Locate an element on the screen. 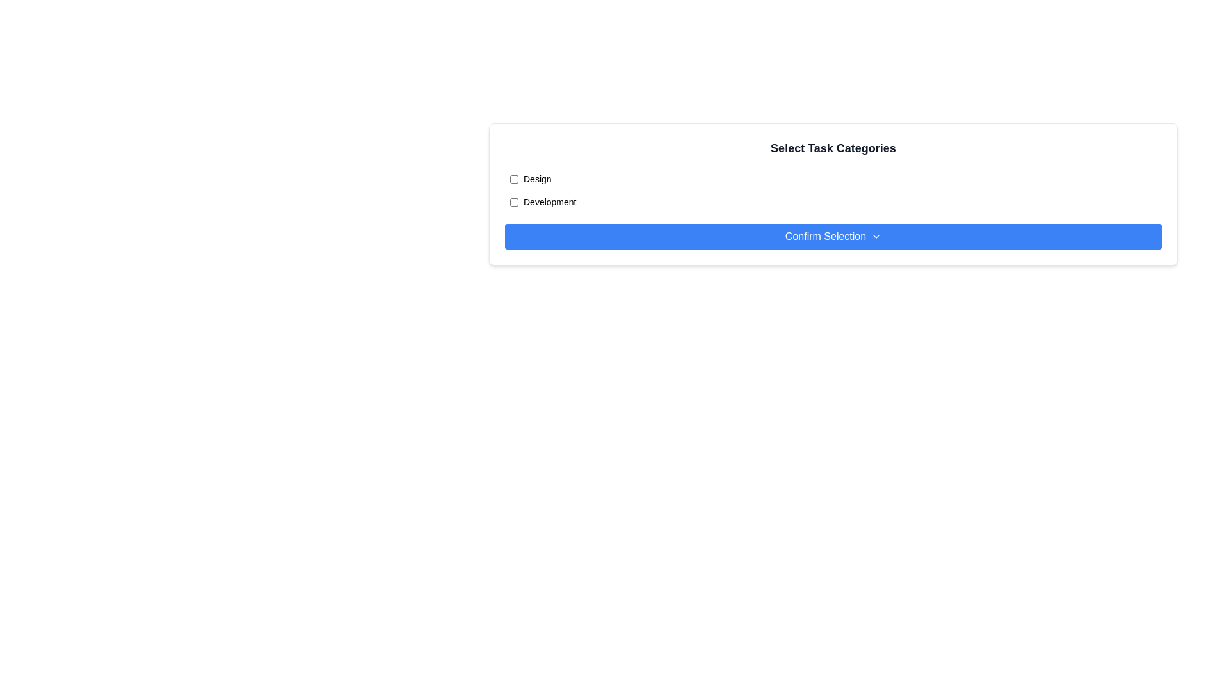 Image resolution: width=1229 pixels, height=691 pixels. the small square checkbox located to the left of the text 'Development' is located at coordinates (514, 202).